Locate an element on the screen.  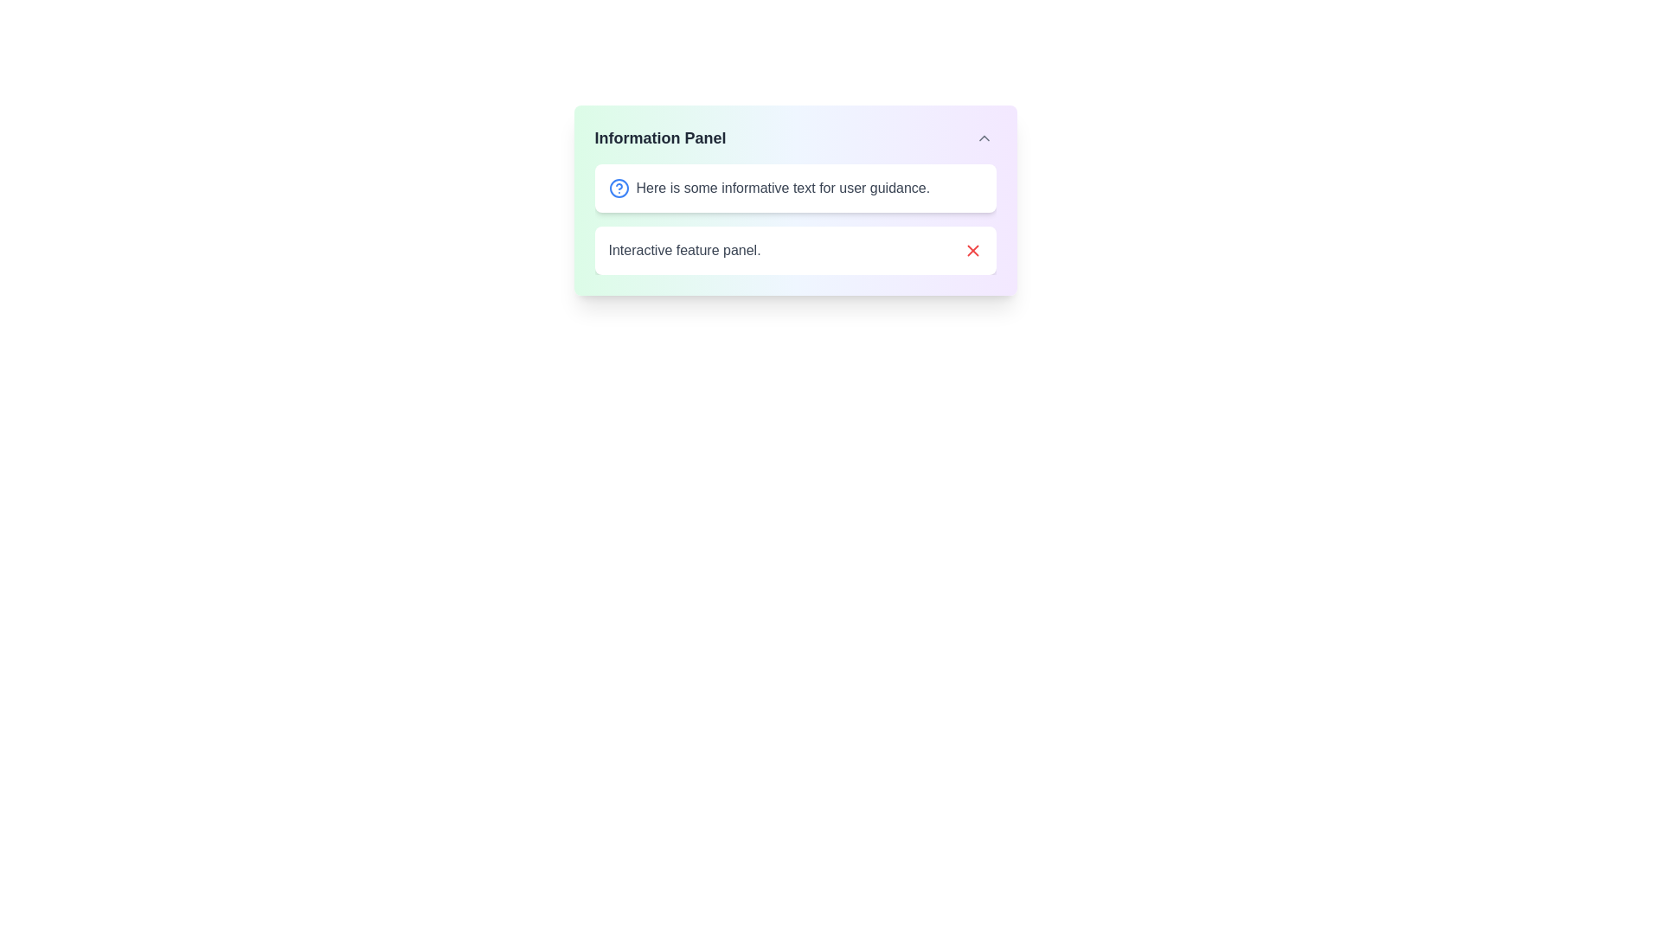
the 'Information Panel' element, which is a gradient background panel labeled 'Information Panel' with rounded corners and a drop shadow is located at coordinates (794, 199).